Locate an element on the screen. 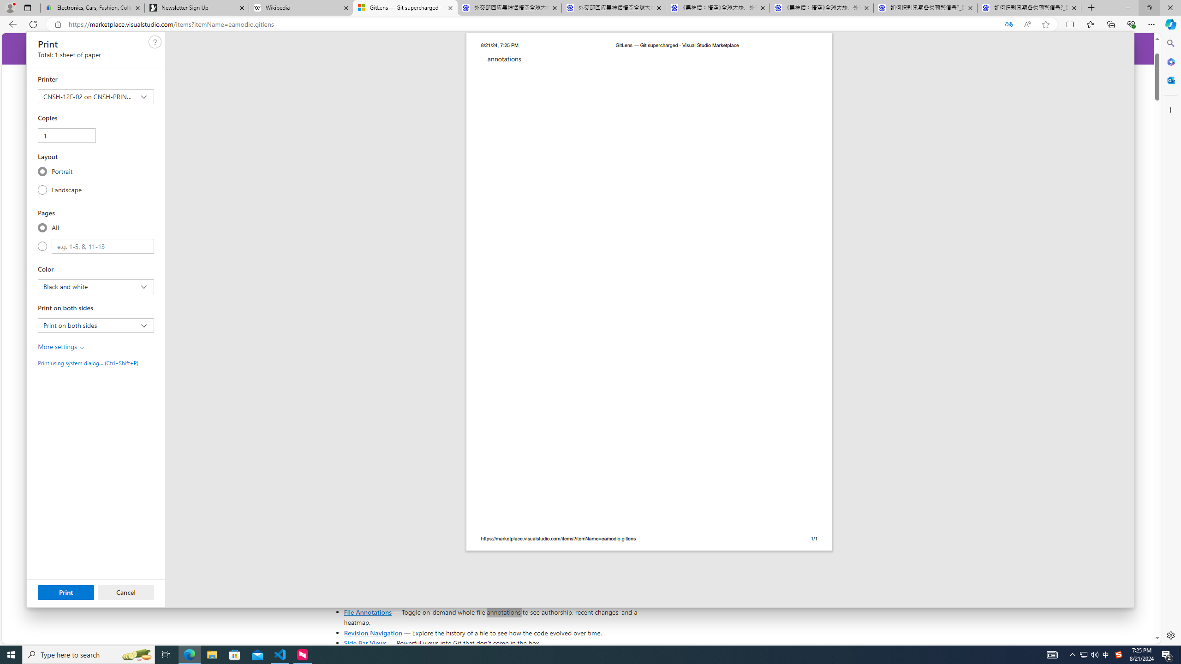 The image size is (1181, 664). 'Custom' is located at coordinates (102, 246).